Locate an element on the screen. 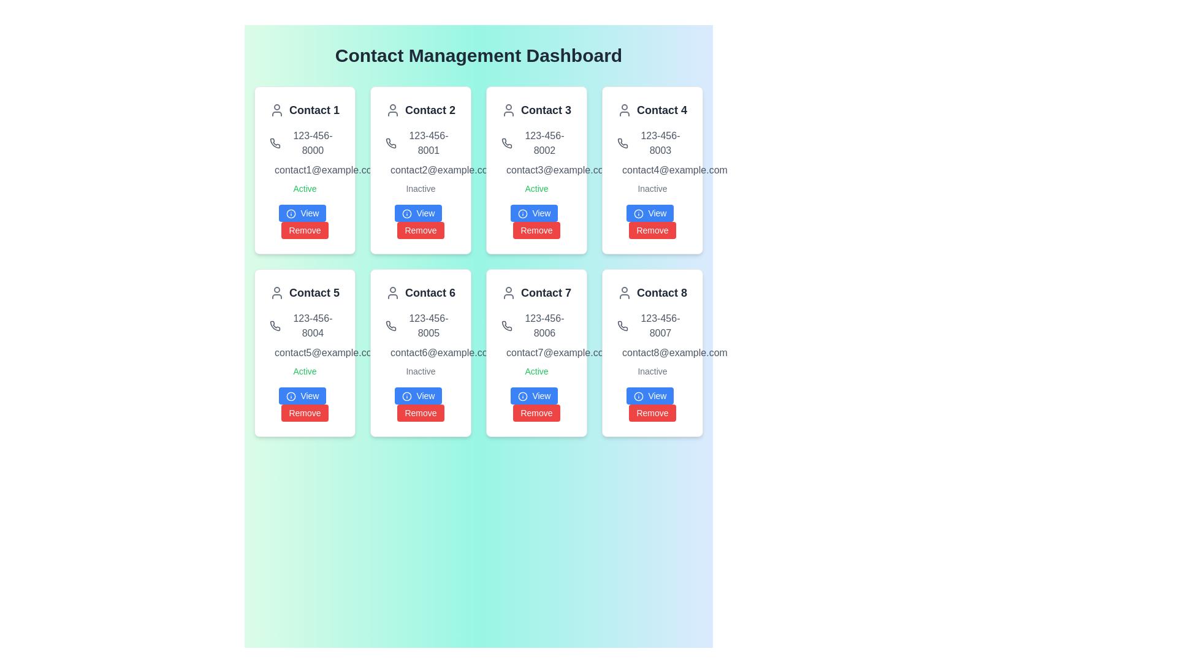  text label 'Contact 1' located in the top-left card of the grid layout, positioned beneath the user icon and above the phone number, email address, and action buttons is located at coordinates (314, 110).